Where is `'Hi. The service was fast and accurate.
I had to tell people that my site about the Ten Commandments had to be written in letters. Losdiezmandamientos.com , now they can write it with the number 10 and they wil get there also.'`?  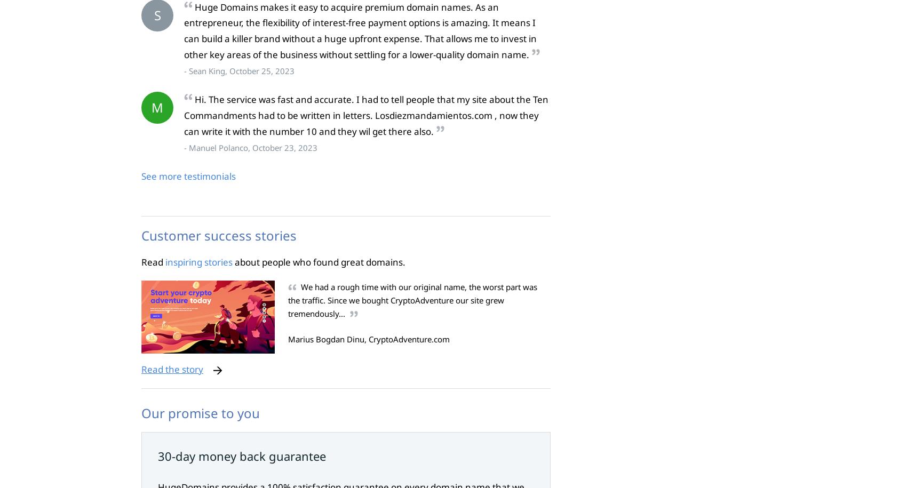
'Hi. The service was fast and accurate.
I had to tell people that my site about the Ten Commandments had to be written in letters. Losdiezmandamientos.com , now they can write it with the number 10 and they wil get there also.' is located at coordinates (366, 115).